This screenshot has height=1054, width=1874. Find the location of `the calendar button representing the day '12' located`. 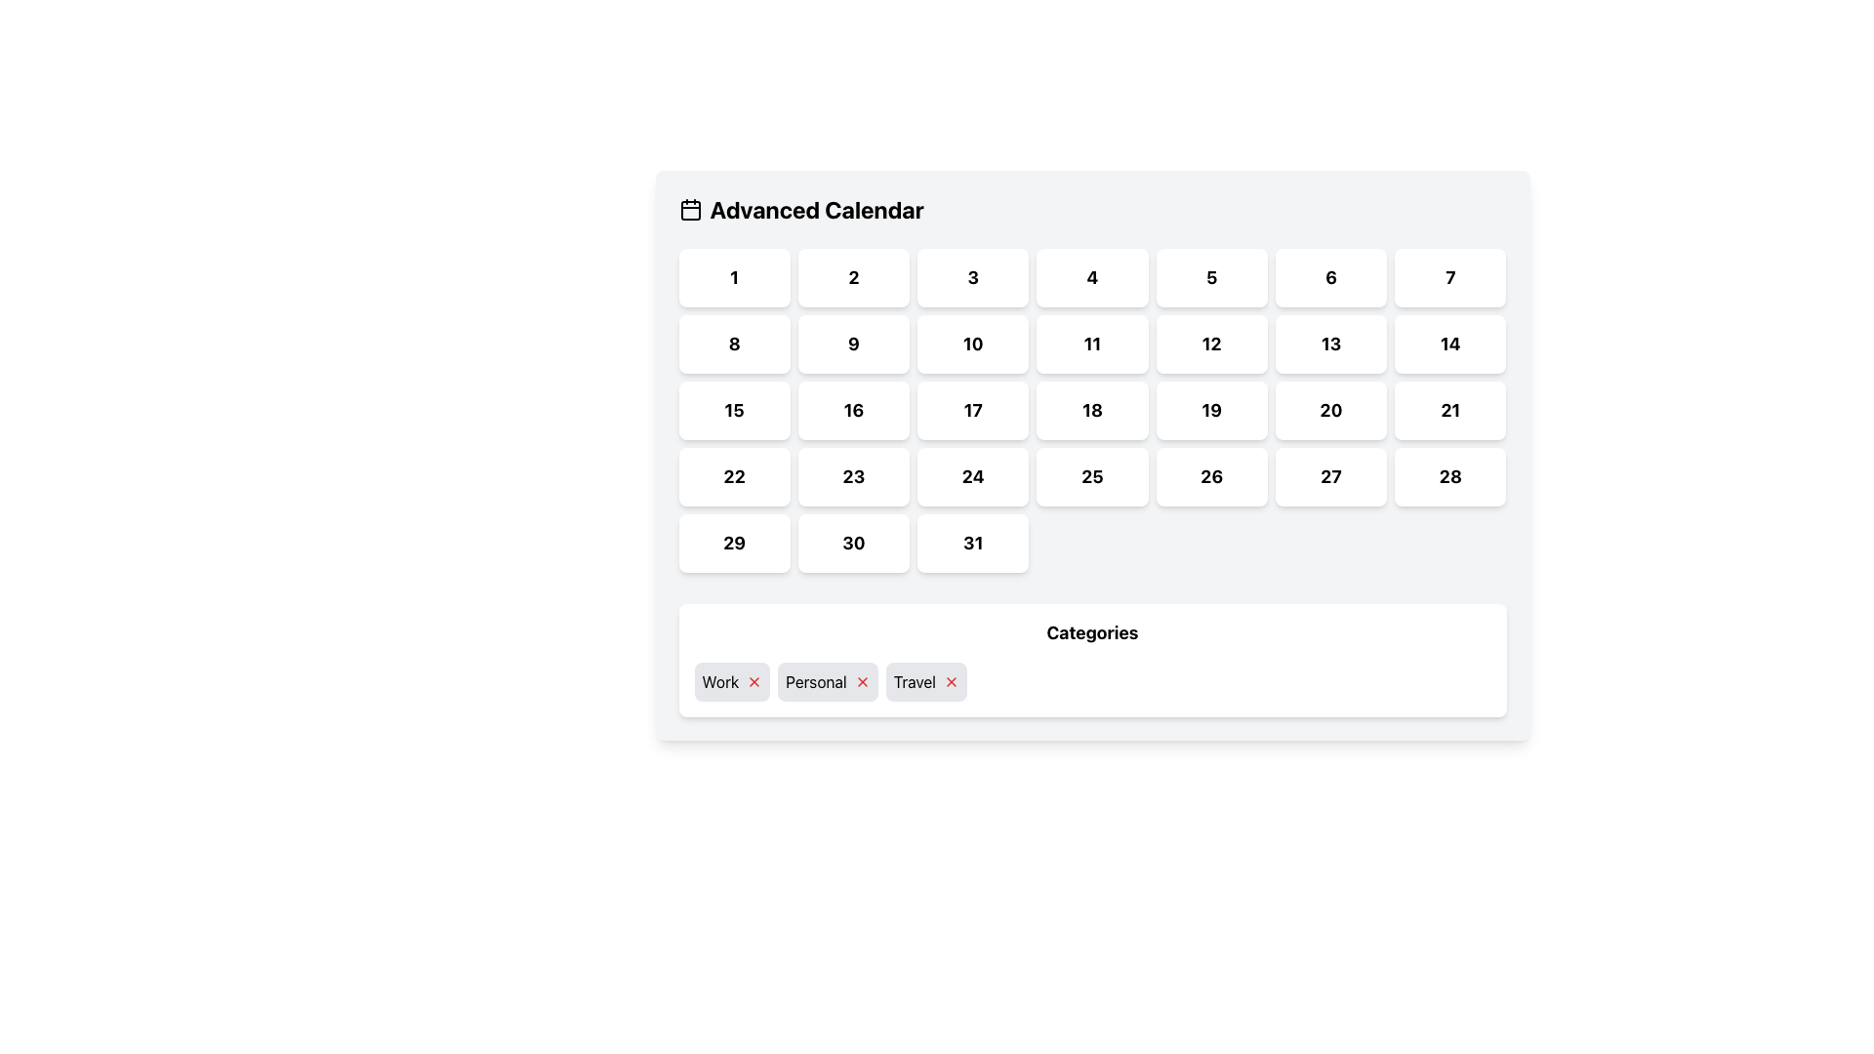

the calendar button representing the day '12' located is located at coordinates (1210, 344).